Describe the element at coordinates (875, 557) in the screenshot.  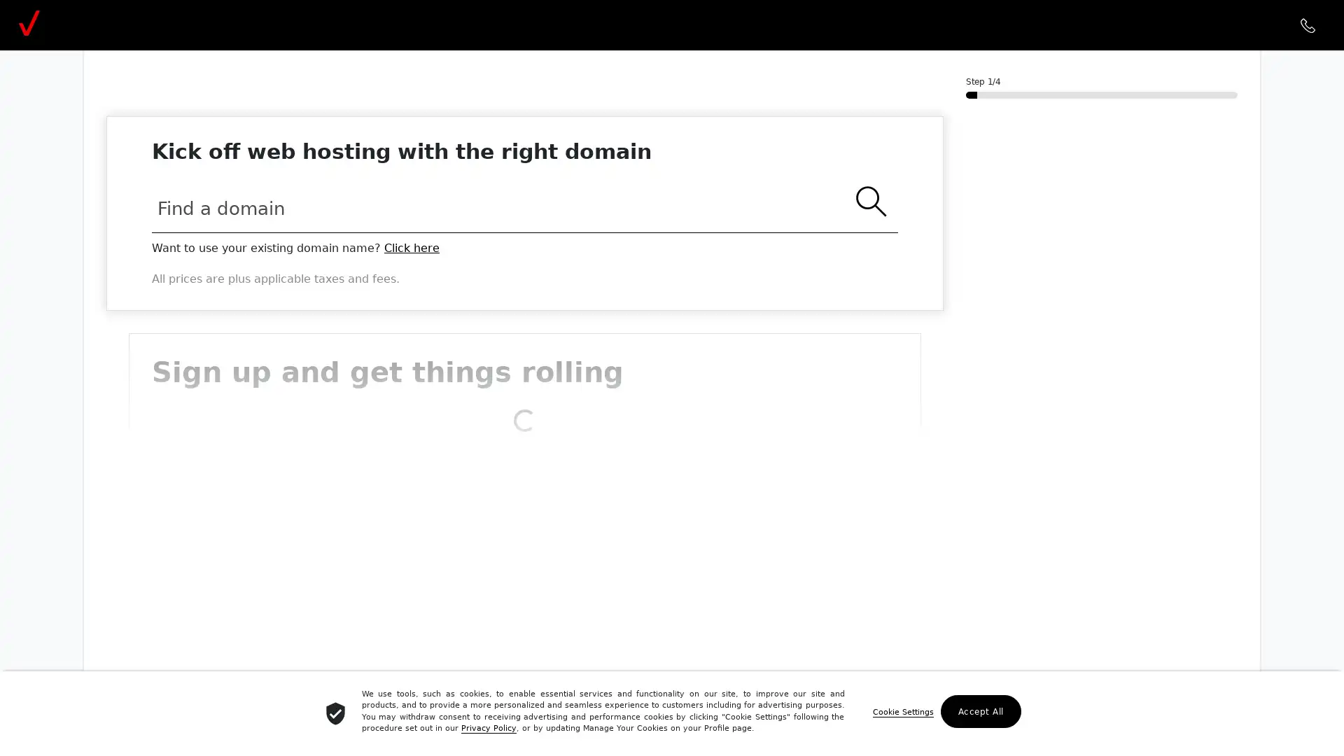
I see `Show Password` at that location.